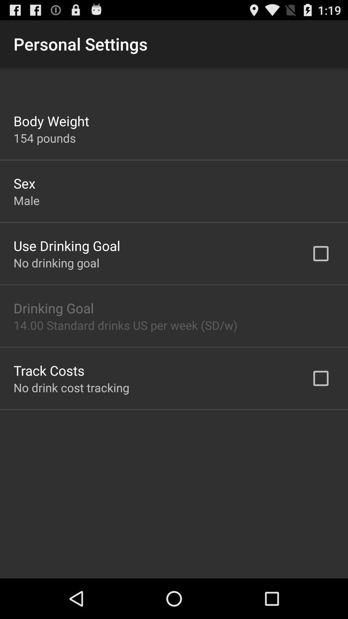 The width and height of the screenshot is (348, 619). What do you see at coordinates (125, 325) in the screenshot?
I see `the icon above the track costs item` at bounding box center [125, 325].